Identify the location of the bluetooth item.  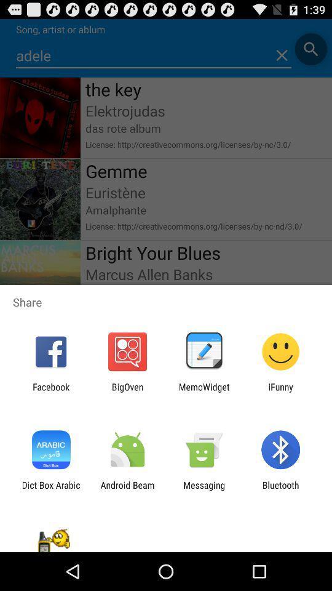
(280, 490).